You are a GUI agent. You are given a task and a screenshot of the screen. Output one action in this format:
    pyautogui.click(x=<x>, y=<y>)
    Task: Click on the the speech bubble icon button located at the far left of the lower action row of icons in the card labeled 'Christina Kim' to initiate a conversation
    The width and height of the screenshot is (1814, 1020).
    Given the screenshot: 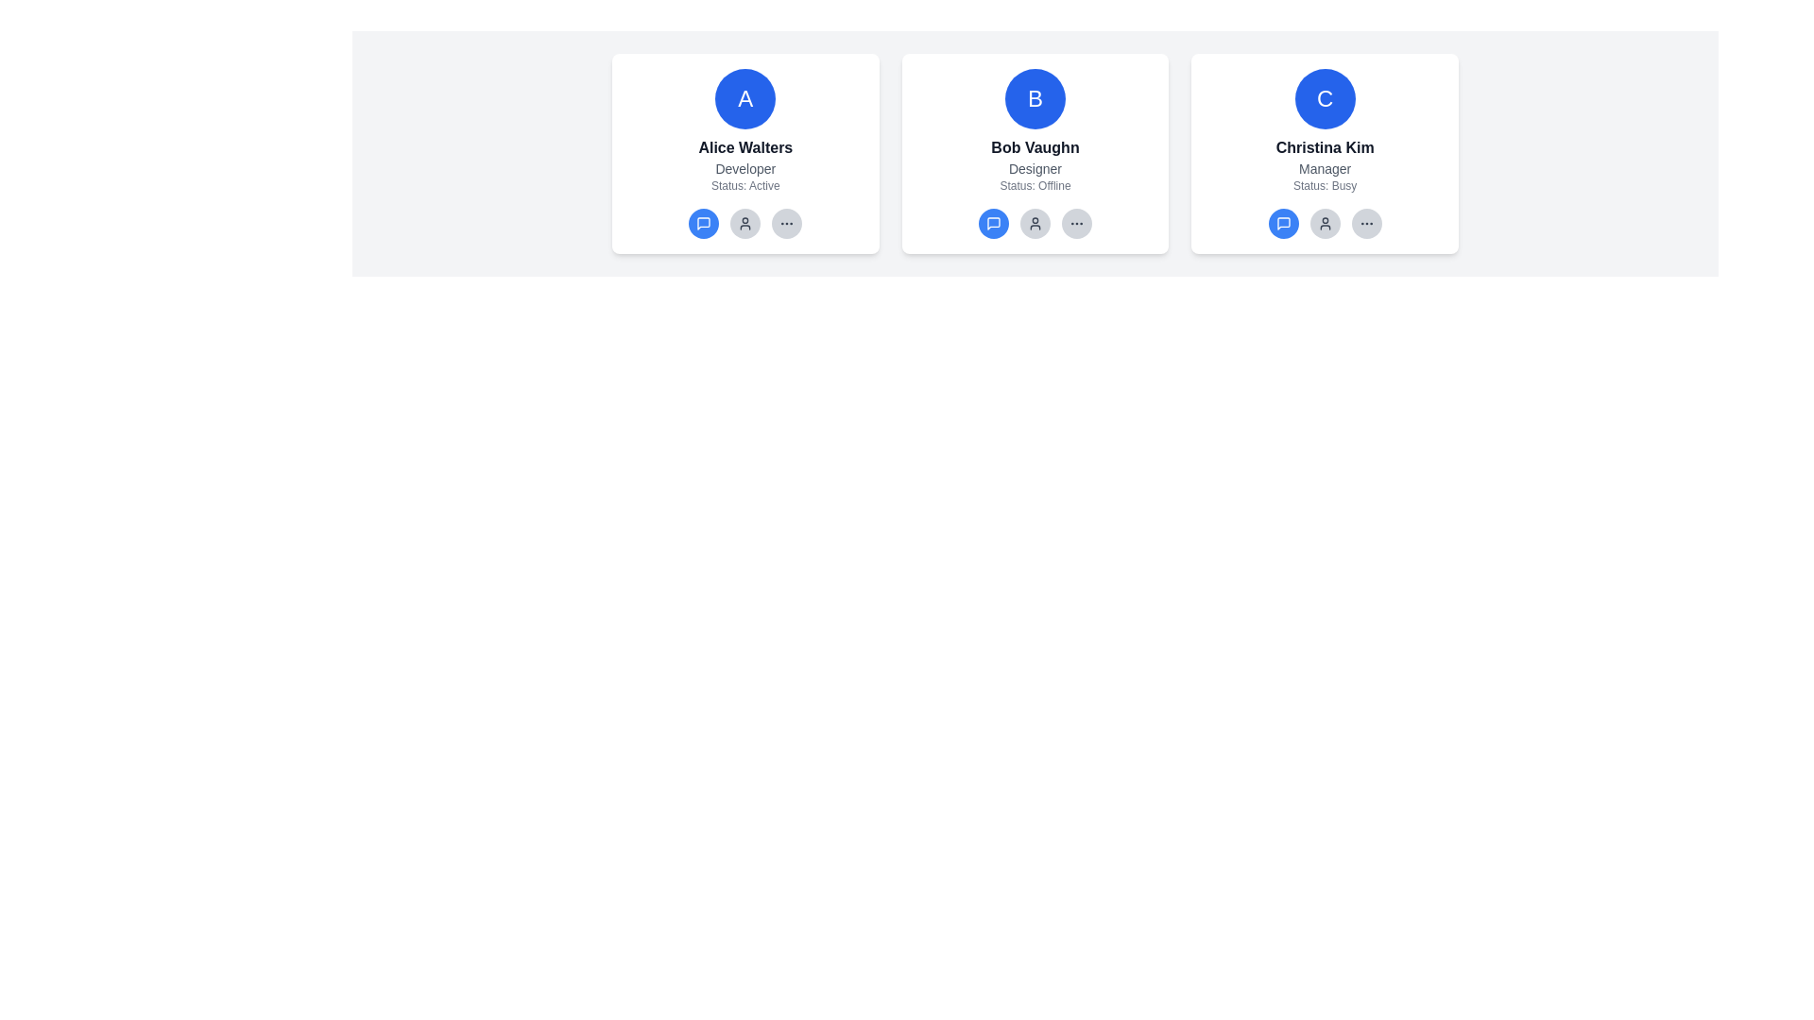 What is the action you would take?
    pyautogui.click(x=1283, y=222)
    